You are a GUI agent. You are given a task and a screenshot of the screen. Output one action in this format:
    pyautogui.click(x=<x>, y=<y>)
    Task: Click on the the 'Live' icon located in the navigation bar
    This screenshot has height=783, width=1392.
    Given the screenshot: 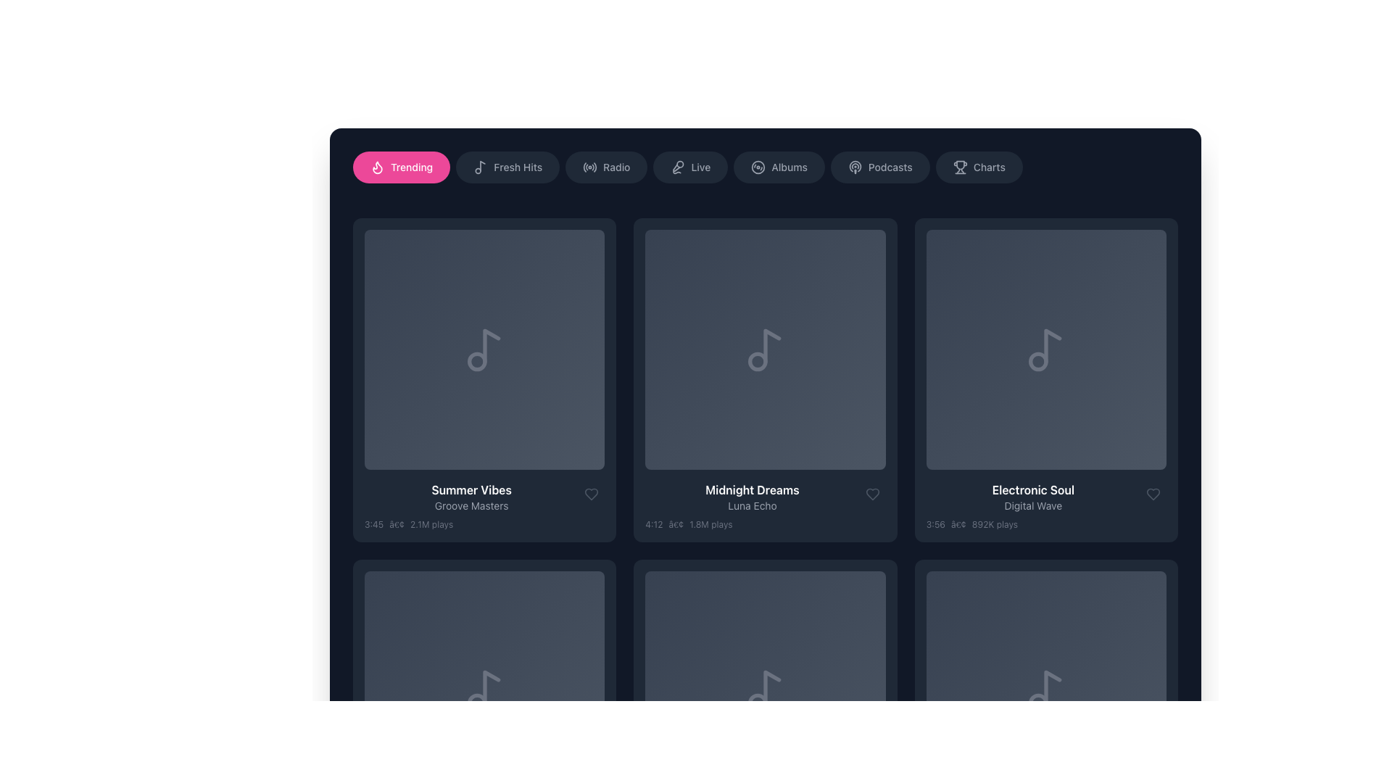 What is the action you would take?
    pyautogui.click(x=677, y=167)
    